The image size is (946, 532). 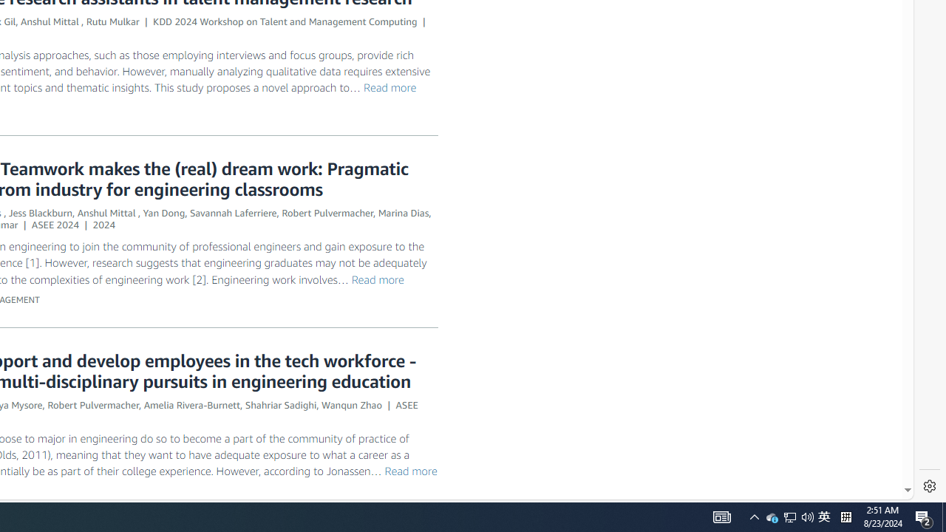 What do you see at coordinates (41, 213) in the screenshot?
I see `'Jess Blackburn'` at bounding box center [41, 213].